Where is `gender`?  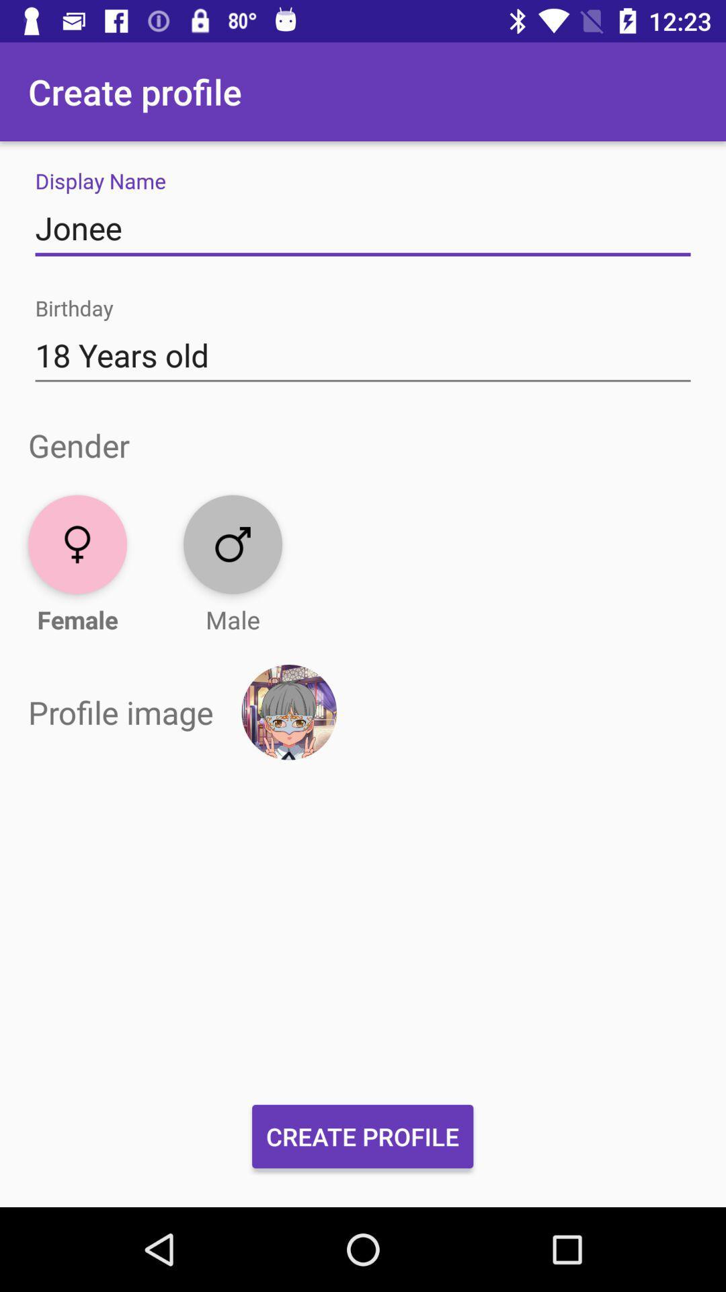 gender is located at coordinates (77, 544).